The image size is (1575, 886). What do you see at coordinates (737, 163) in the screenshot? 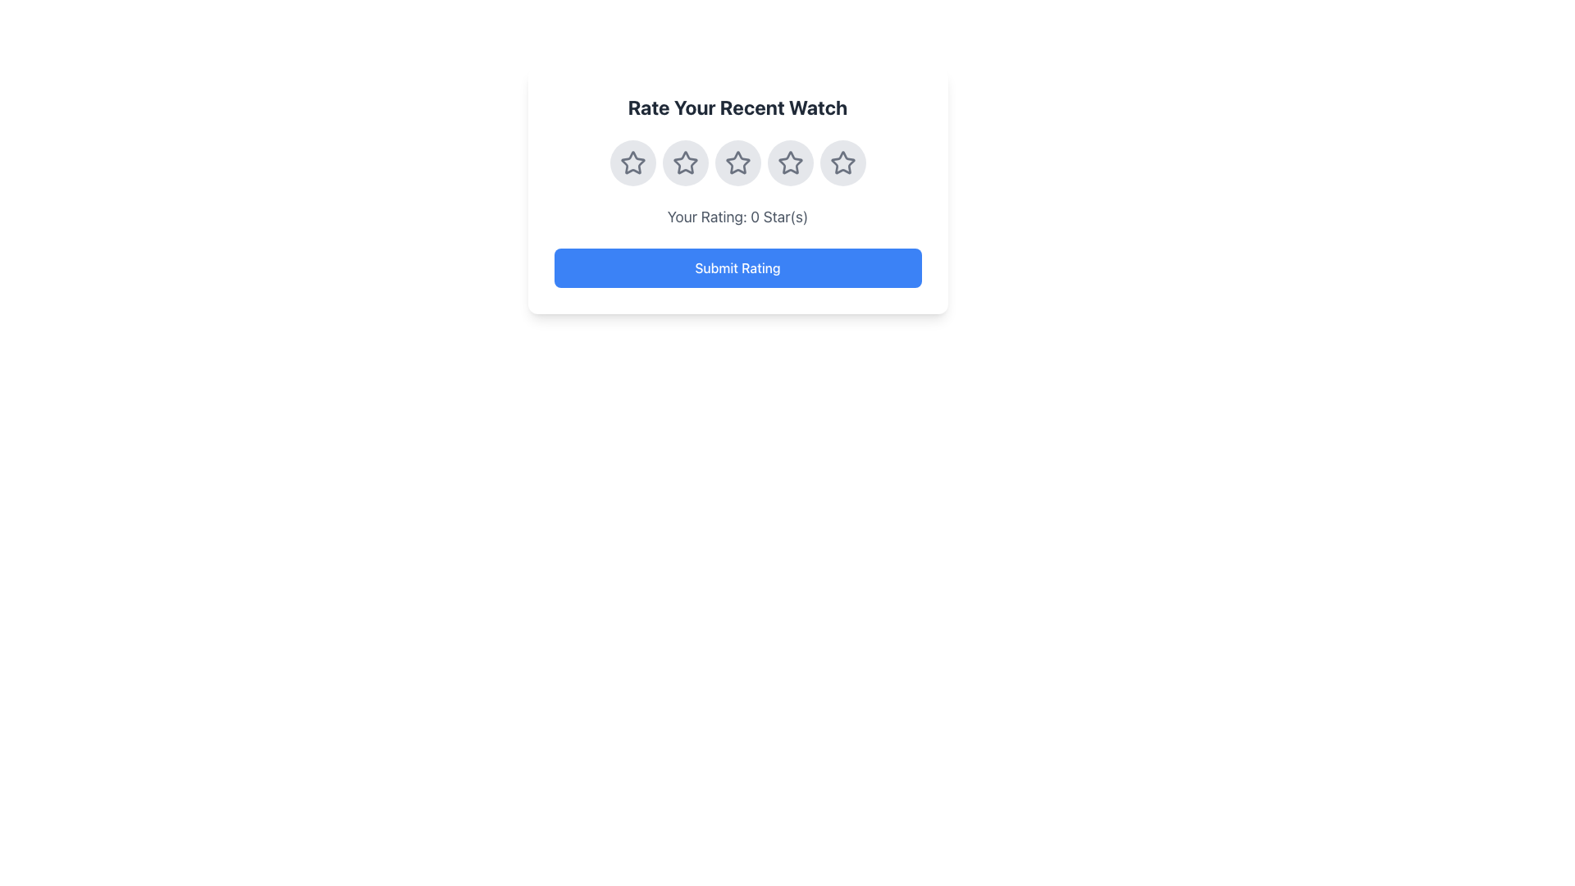
I see `the circular button with a gray background and a star-shaped icon, which is the third button in a horizontal row of five, located below 'Rate Your Recent Watch'` at bounding box center [737, 163].